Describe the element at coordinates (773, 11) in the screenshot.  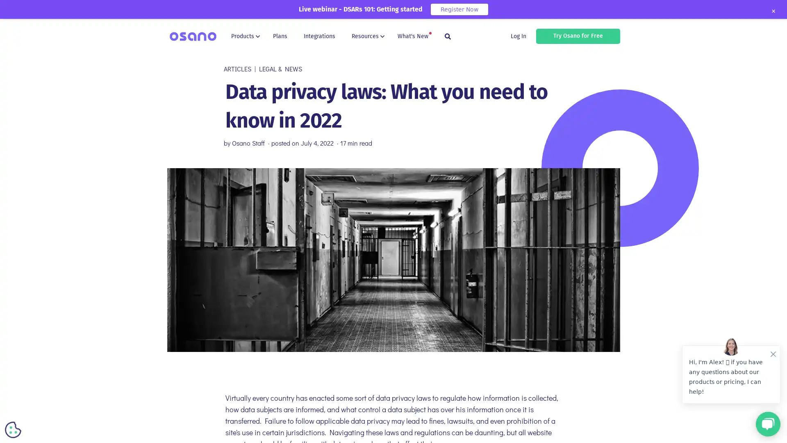
I see `Close` at that location.